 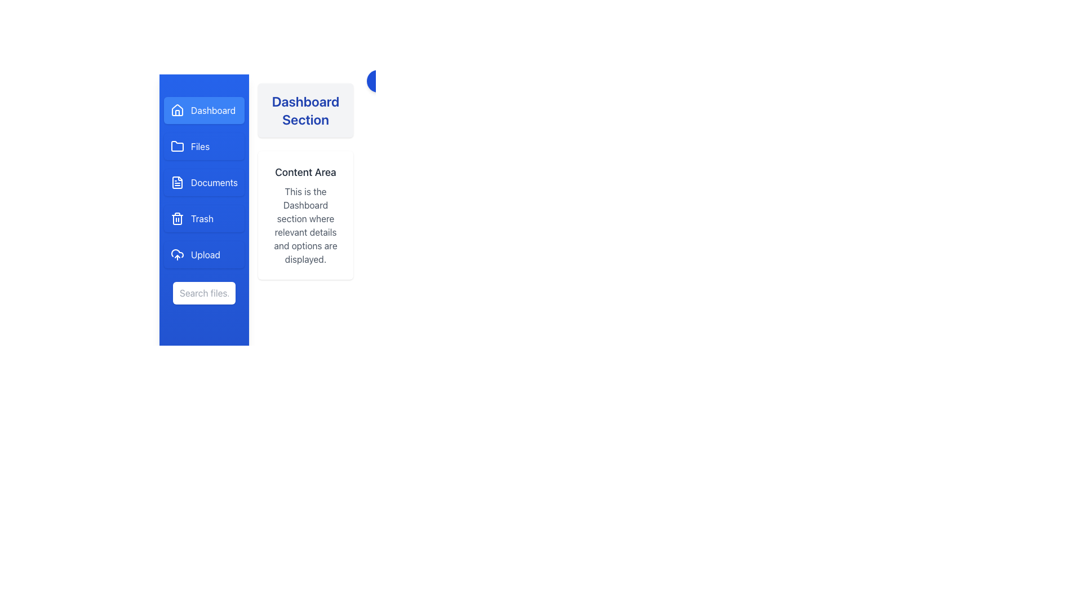 I want to click on the Text Label that serves as a title or heading for the card's content, providing context about the data or features presented within the section, so click(x=305, y=172).